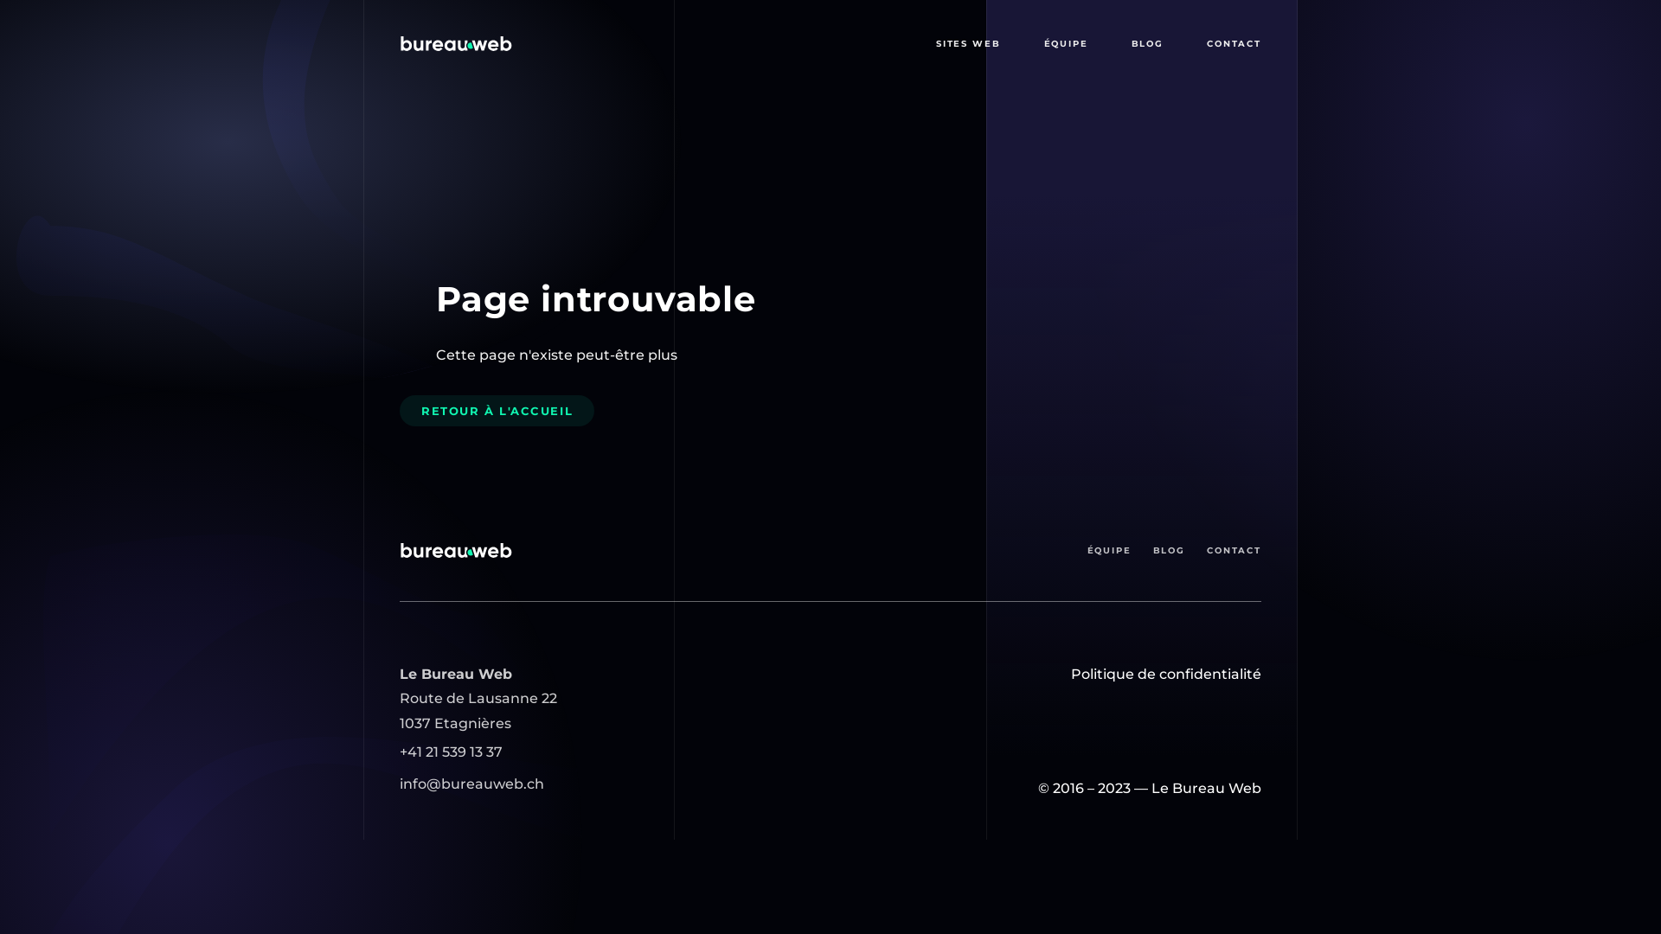 This screenshot has width=1661, height=934. I want to click on 'CONTACT', so click(1233, 550).